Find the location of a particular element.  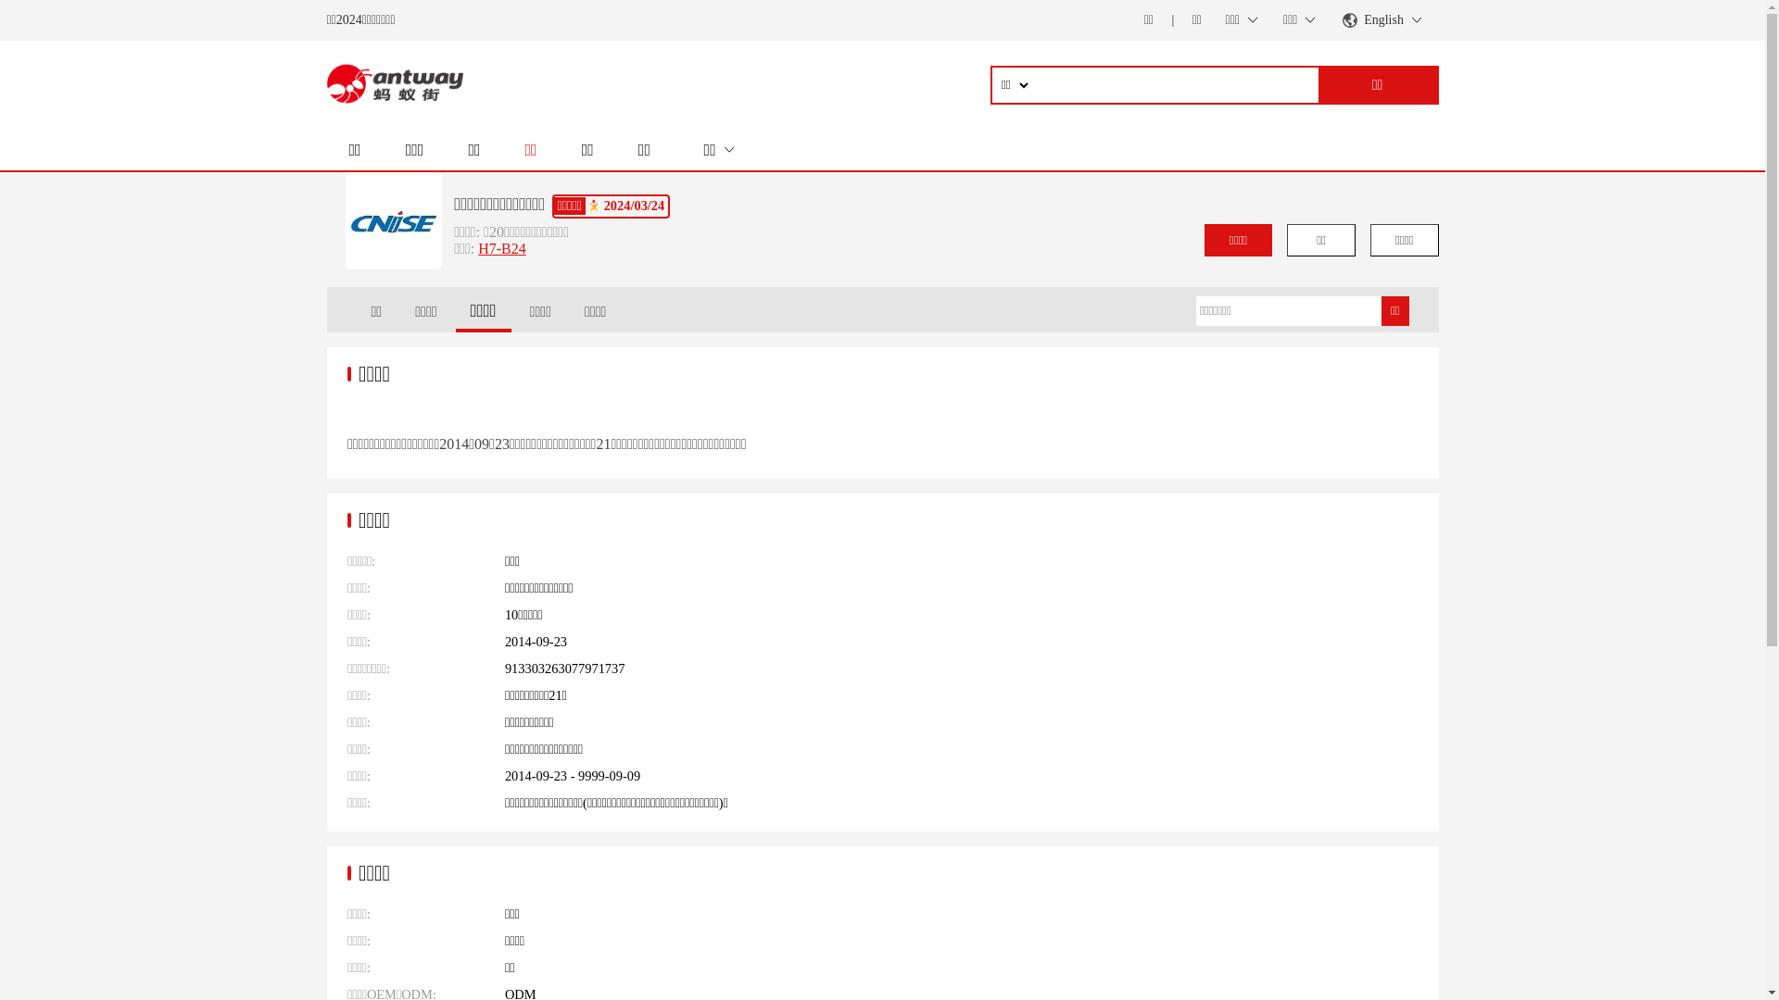

'H7-B24' is located at coordinates (502, 247).